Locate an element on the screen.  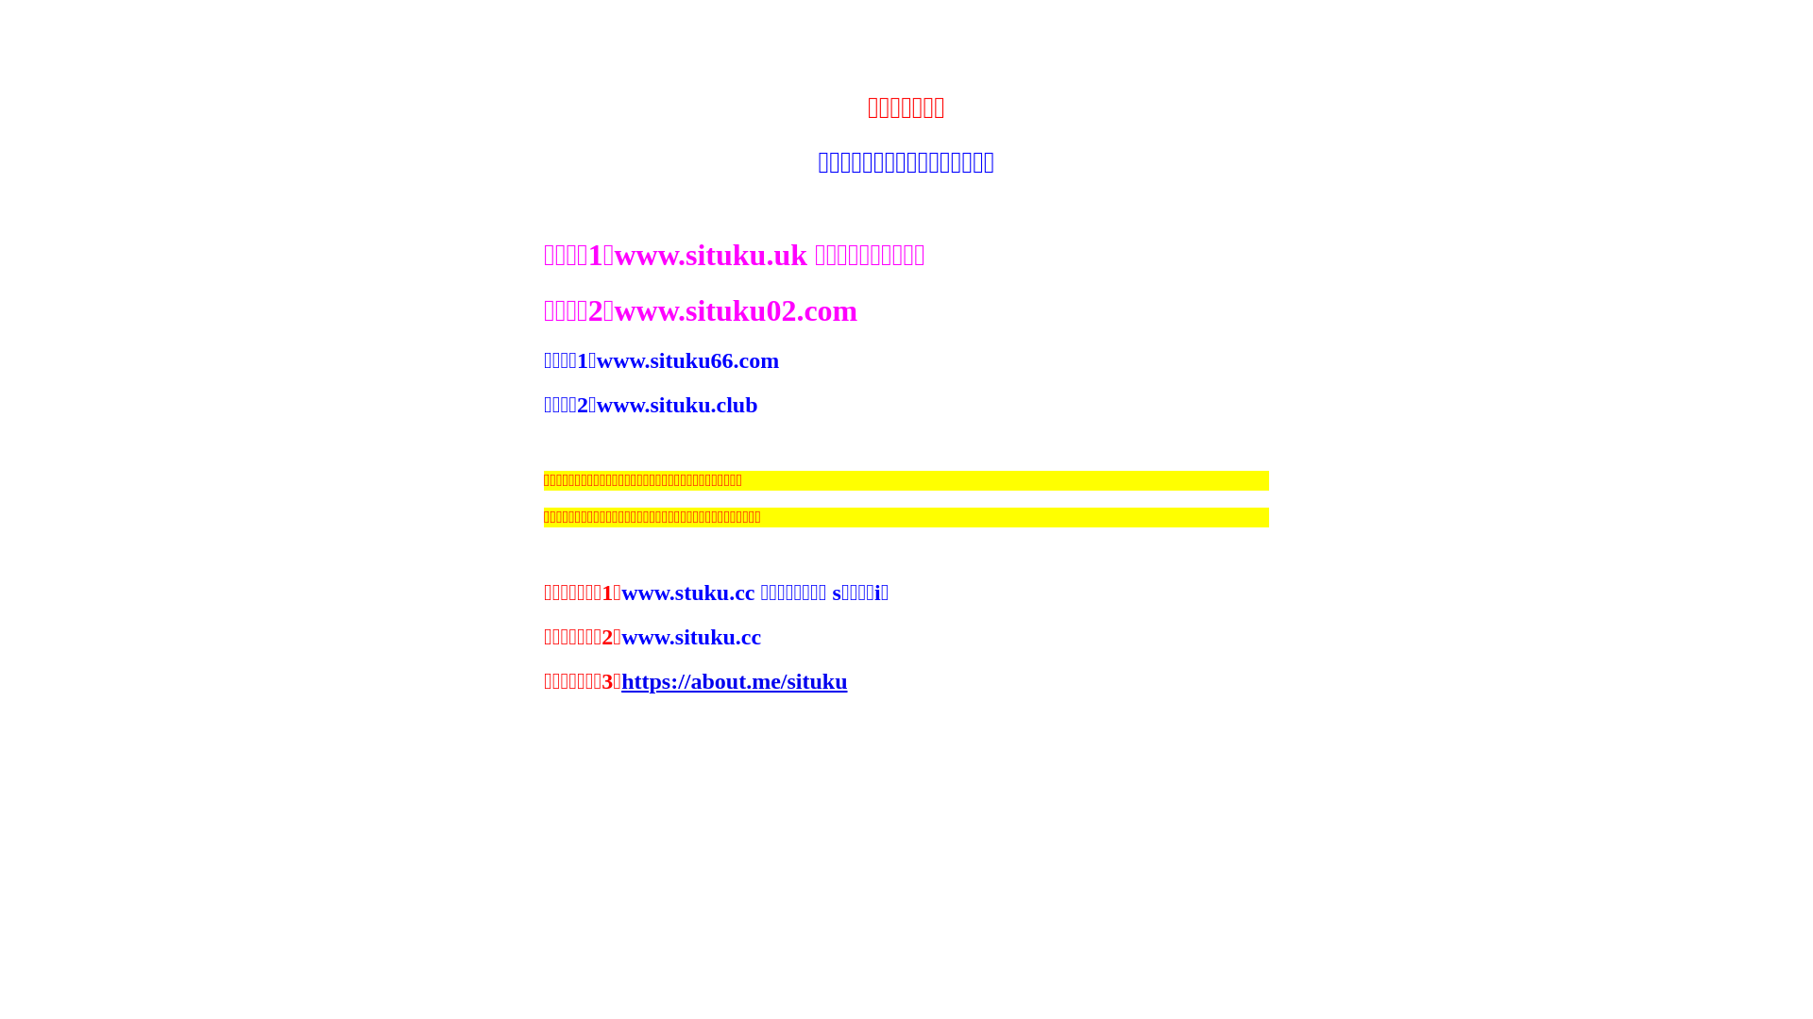
'https://about.me/situku' is located at coordinates (733, 680).